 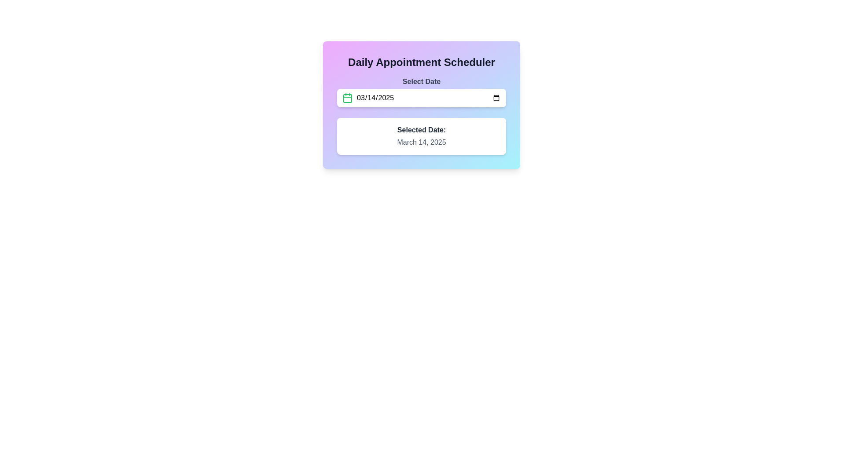 What do you see at coordinates (347, 98) in the screenshot?
I see `the calendar icon located at the top-left corner of the date input area, which opens the date picker widget` at bounding box center [347, 98].